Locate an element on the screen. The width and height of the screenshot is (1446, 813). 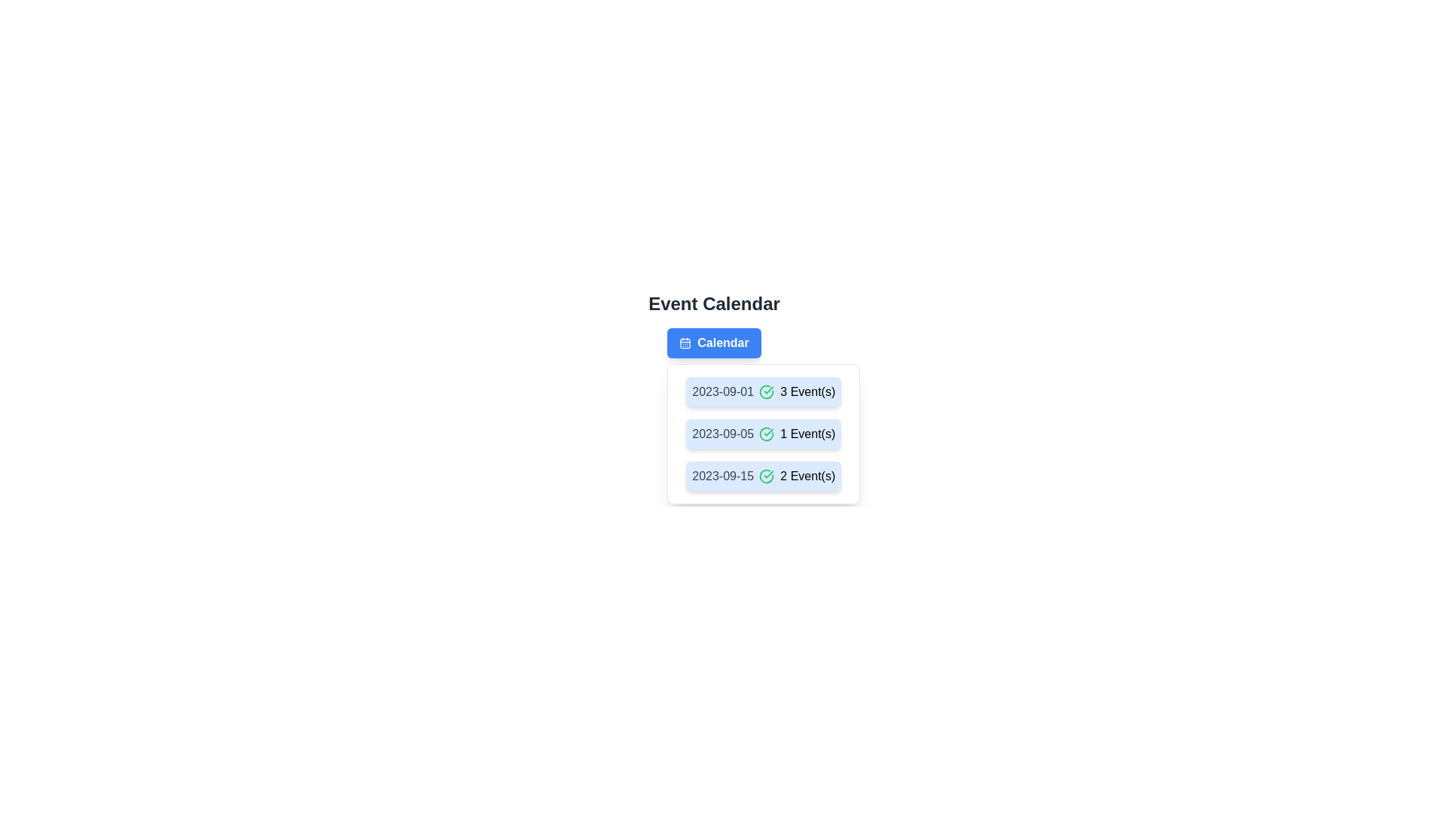
the event summary block for the date '2023-09-05' is located at coordinates (763, 434).